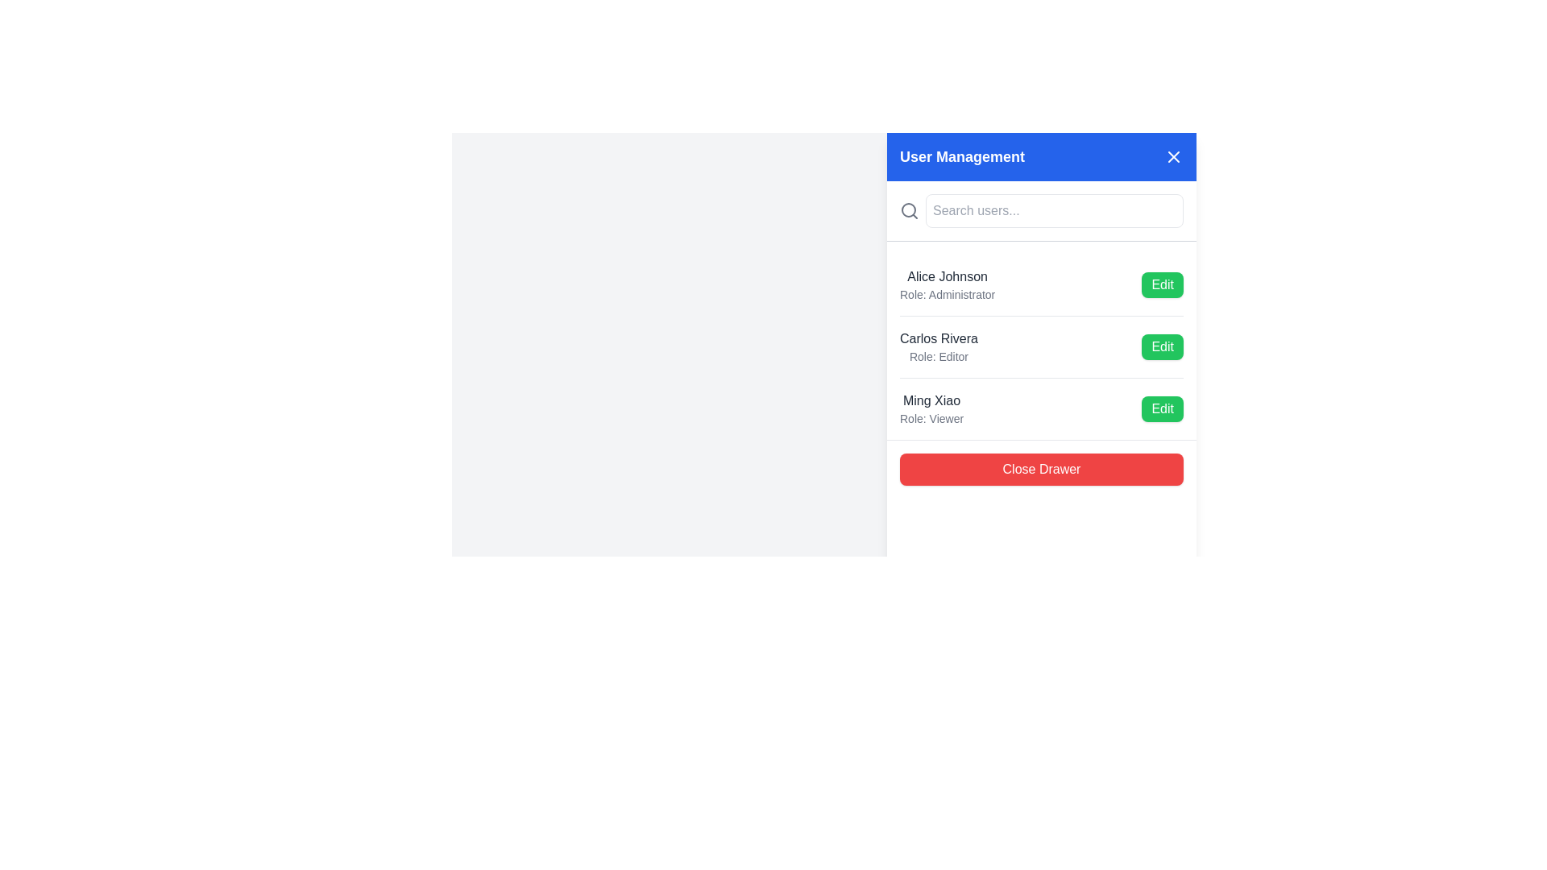 This screenshot has width=1547, height=870. What do you see at coordinates (962, 157) in the screenshot?
I see `the user management section title label located near the center-left of the blue header bar, positioned to the left of the close button` at bounding box center [962, 157].